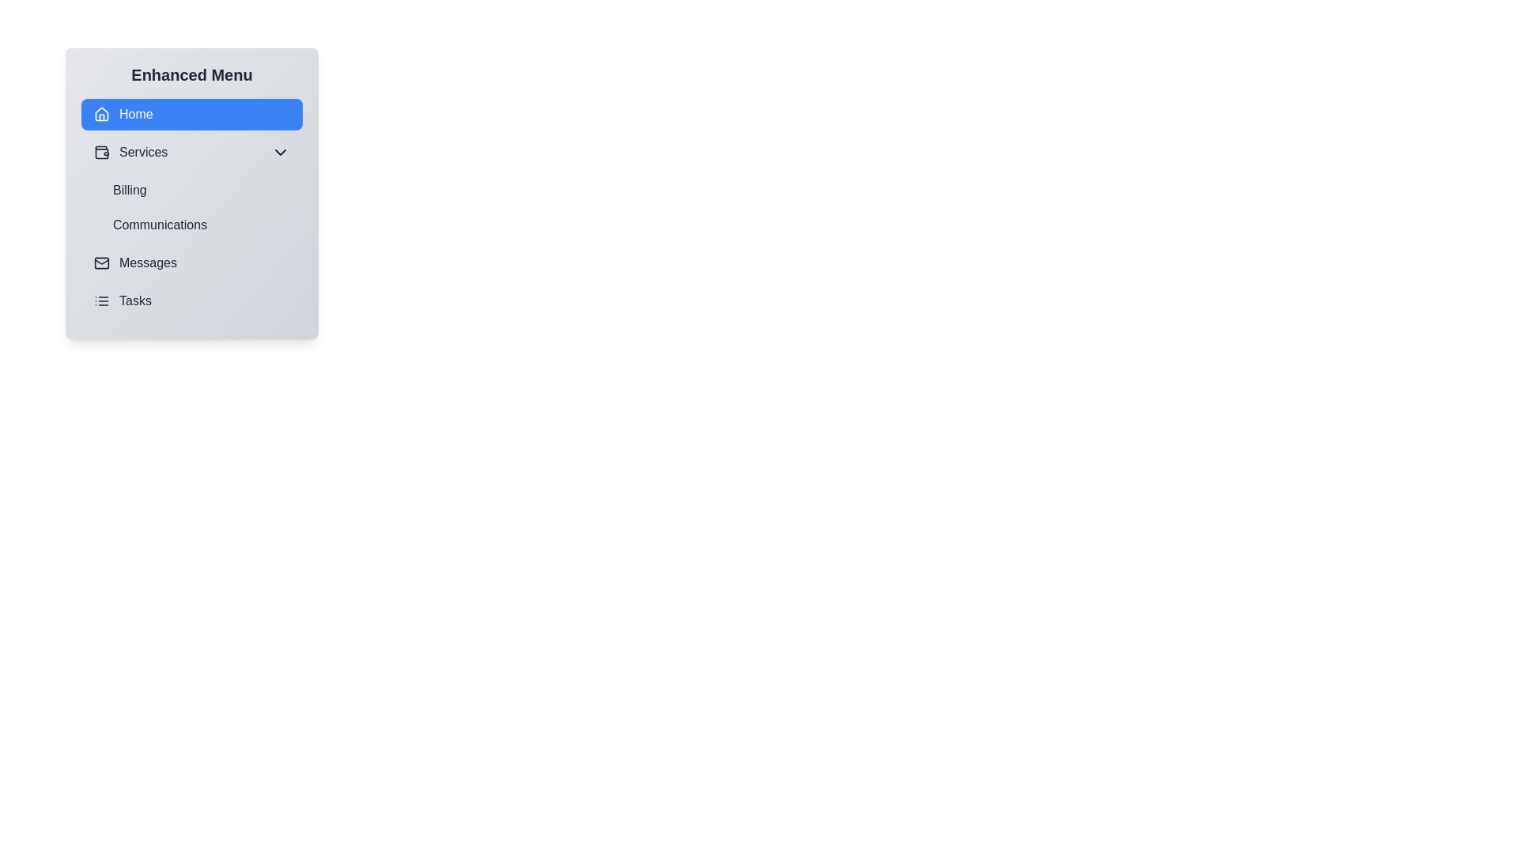  What do you see at coordinates (123, 114) in the screenshot?
I see `the active 'Home' menu item with icon, which is the first option under the 'Enhanced Menu' heading` at bounding box center [123, 114].